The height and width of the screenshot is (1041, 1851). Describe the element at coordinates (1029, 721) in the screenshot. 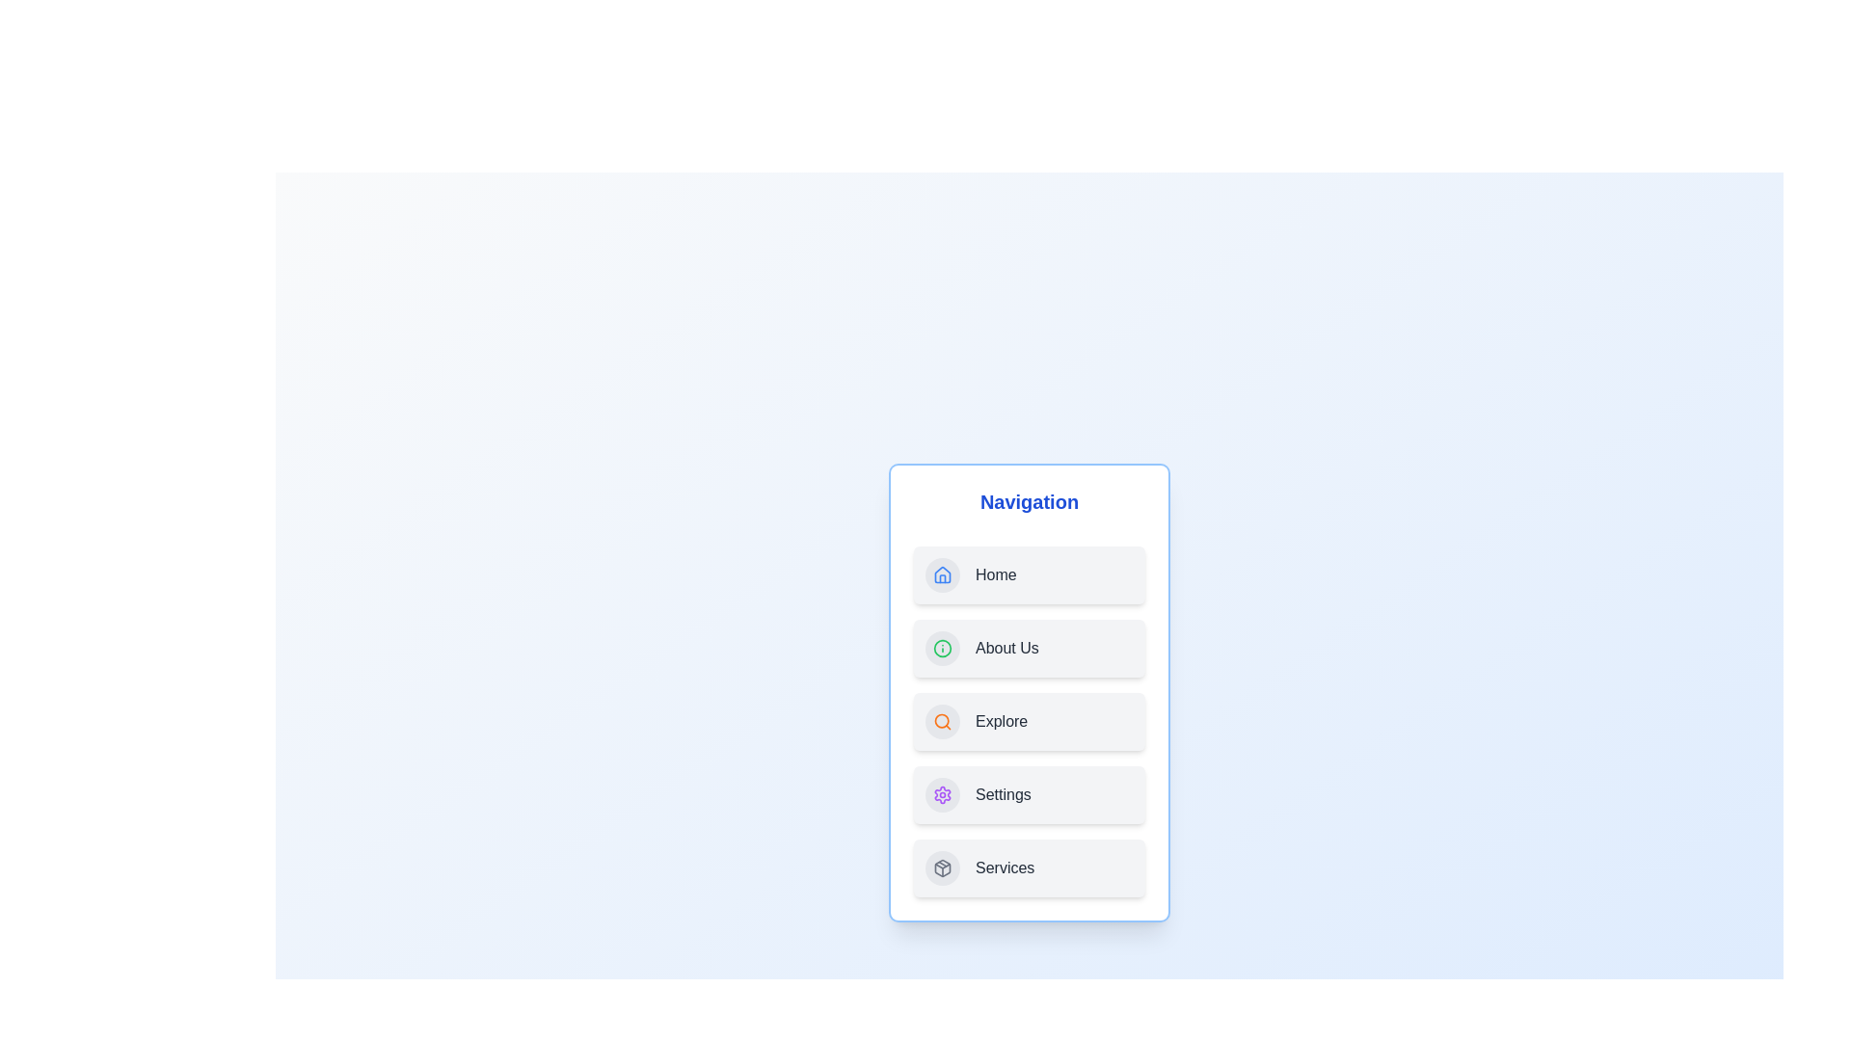

I see `the 'Explore' navigation item to navigate to the explore section` at that location.